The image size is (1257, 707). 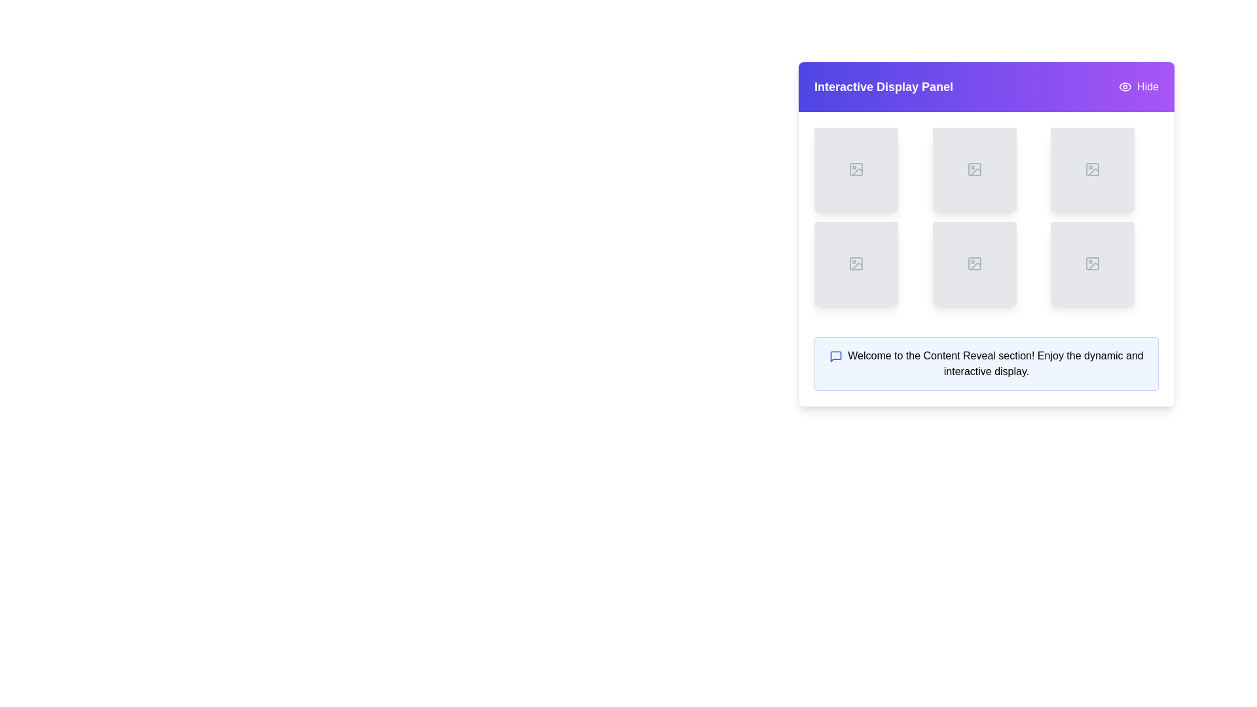 What do you see at coordinates (856, 263) in the screenshot?
I see `the icon located in the second row, second column of the 2x3 grid layout within the 'Interactive Display Panel' section to interact` at bounding box center [856, 263].